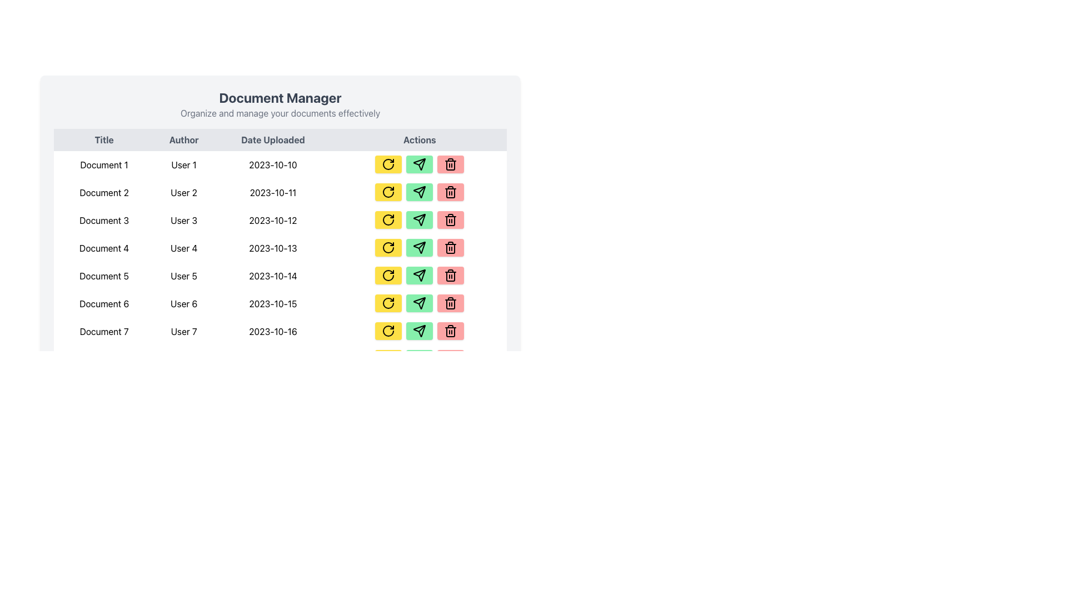 This screenshot has width=1067, height=600. What do you see at coordinates (419, 303) in the screenshot?
I see `the send button icon located in the 'Actions' column for 'Document 5' dated '2023-10-14', positioned after a yellow circular arrow icon and before a red trash can icon to send the associated document` at bounding box center [419, 303].